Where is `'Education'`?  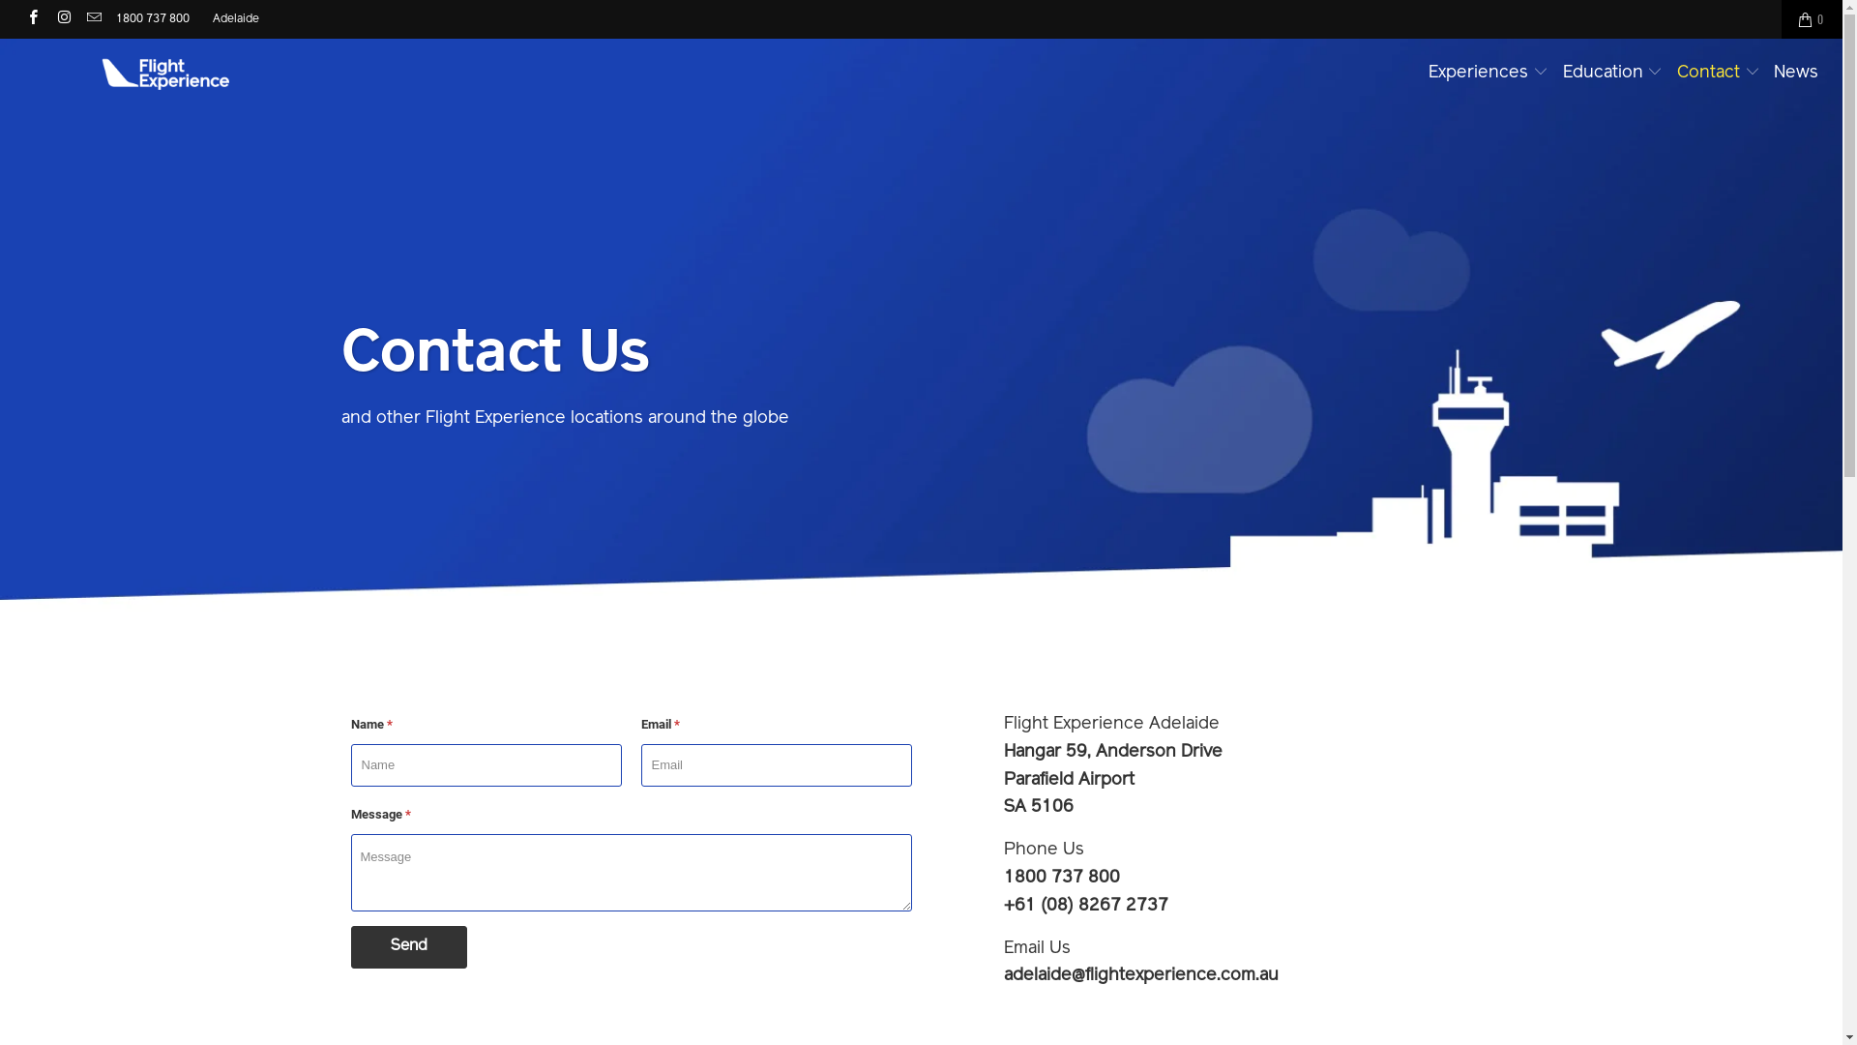 'Education' is located at coordinates (1613, 73).